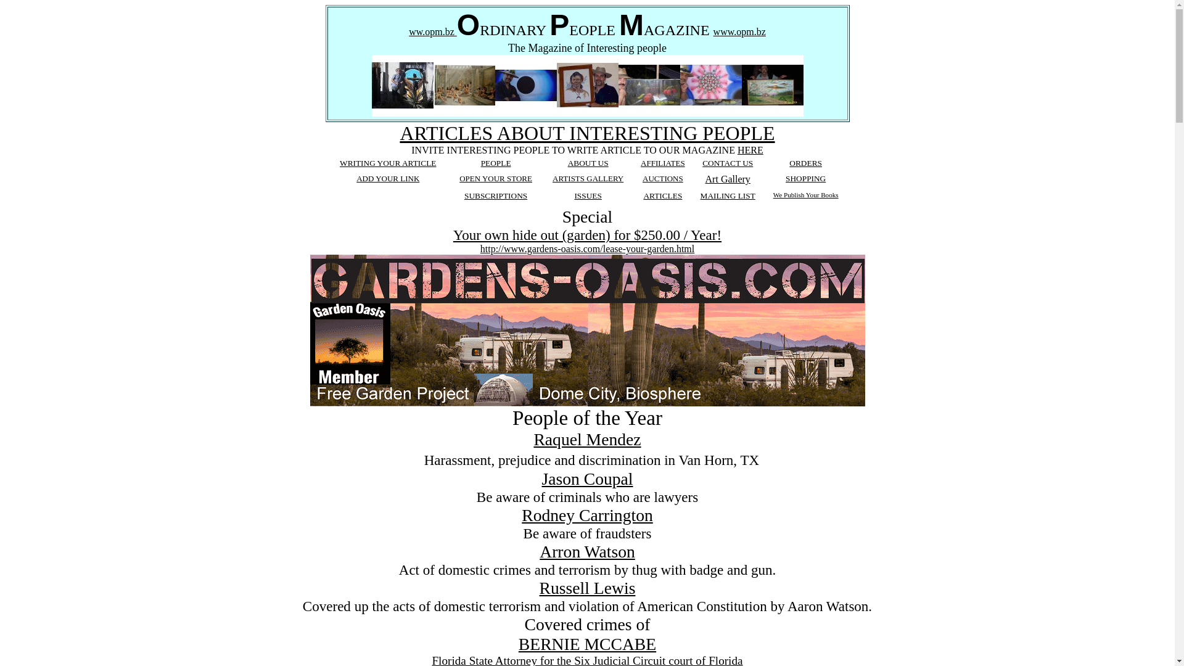  Describe the element at coordinates (586, 438) in the screenshot. I see `'Raquel Mendez'` at that location.